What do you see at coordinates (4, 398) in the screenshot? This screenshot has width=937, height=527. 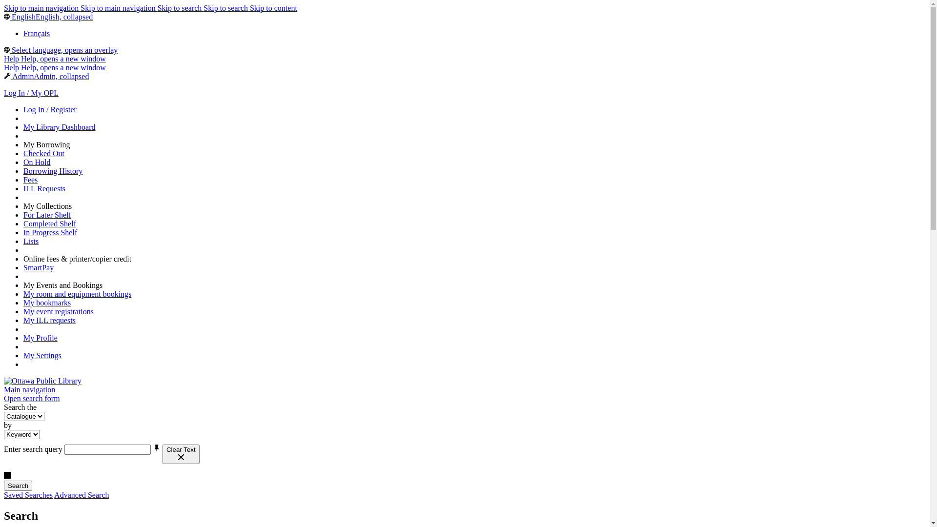 I see `'Open search form'` at bounding box center [4, 398].